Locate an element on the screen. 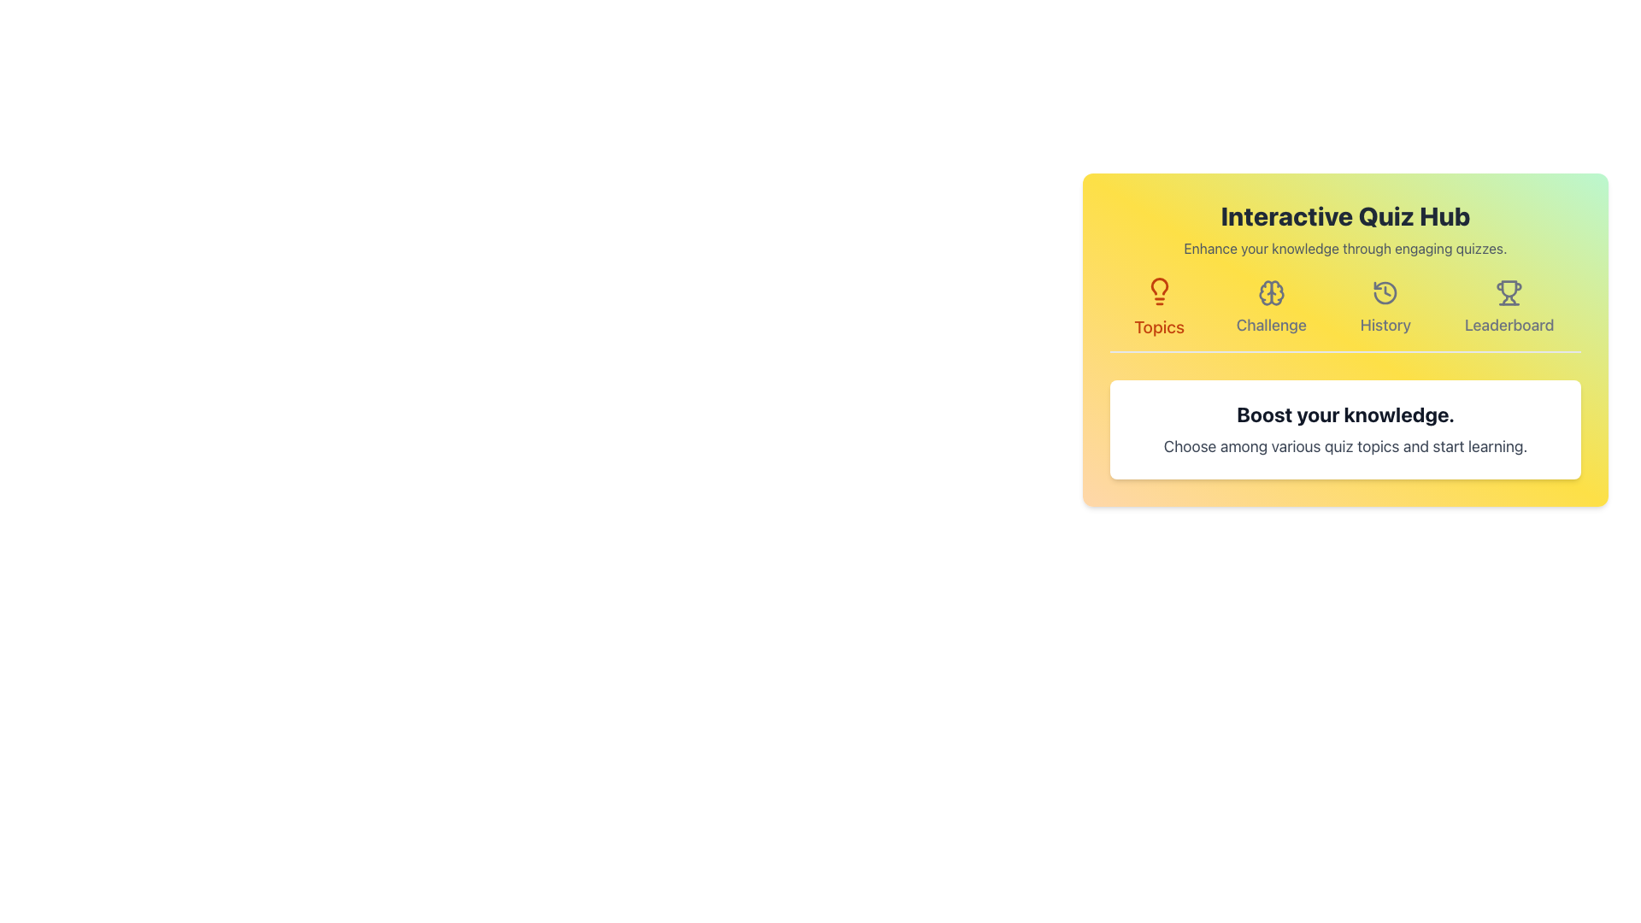 The width and height of the screenshot is (1641, 923). each segment of the Navigation bar containing options like 'Topics', 'Challenge', 'History', and 'Leaderboard' is located at coordinates (1344, 316).